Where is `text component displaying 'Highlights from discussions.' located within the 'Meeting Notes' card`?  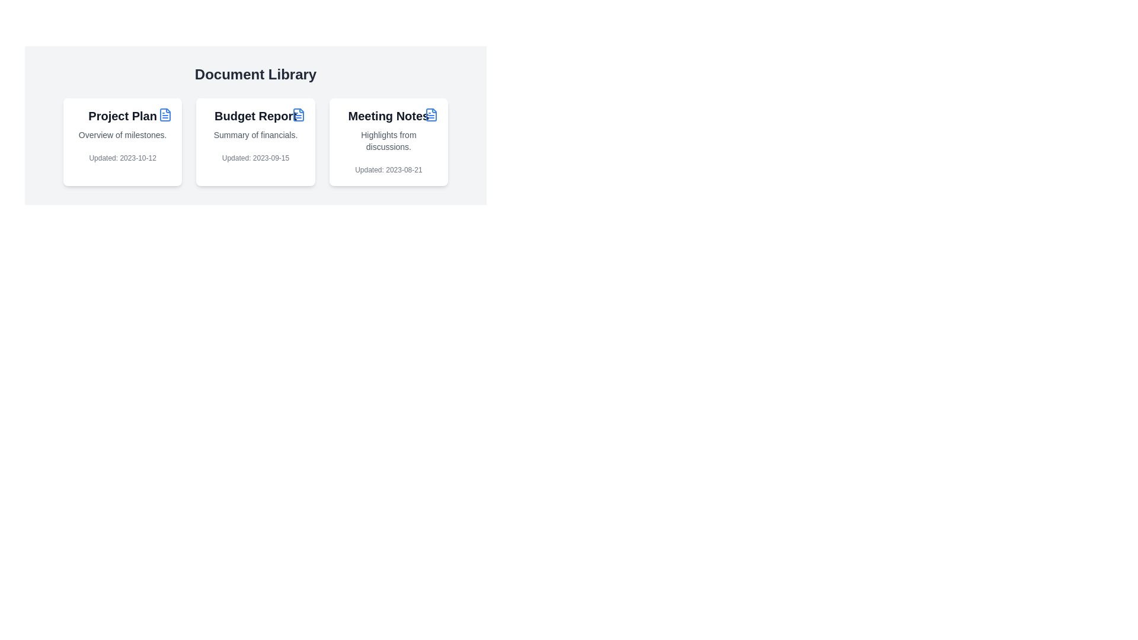
text component displaying 'Highlights from discussions.' located within the 'Meeting Notes' card is located at coordinates (388, 140).